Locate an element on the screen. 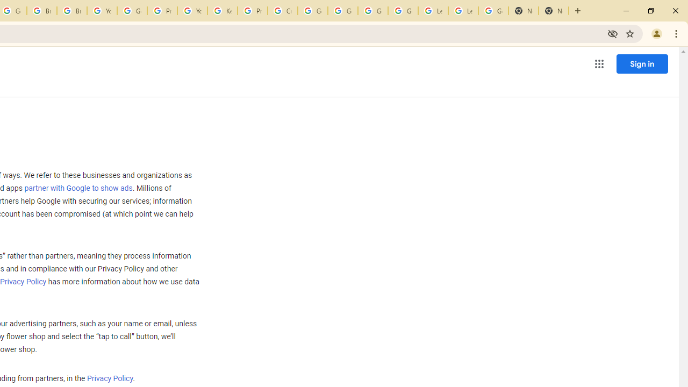 The width and height of the screenshot is (688, 387). 'Google Account Help' is located at coordinates (131, 11).